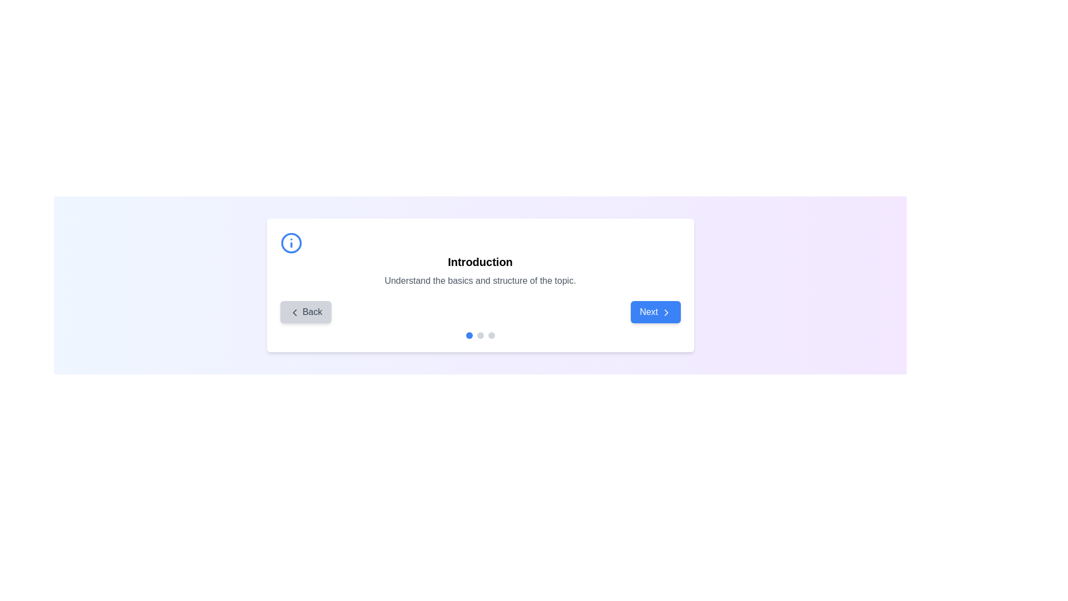 This screenshot has width=1068, height=601. What do you see at coordinates (491, 334) in the screenshot?
I see `the third circular indicator with a gray background, styled as a rounded button, located beneath the panel containing a title and description` at bounding box center [491, 334].